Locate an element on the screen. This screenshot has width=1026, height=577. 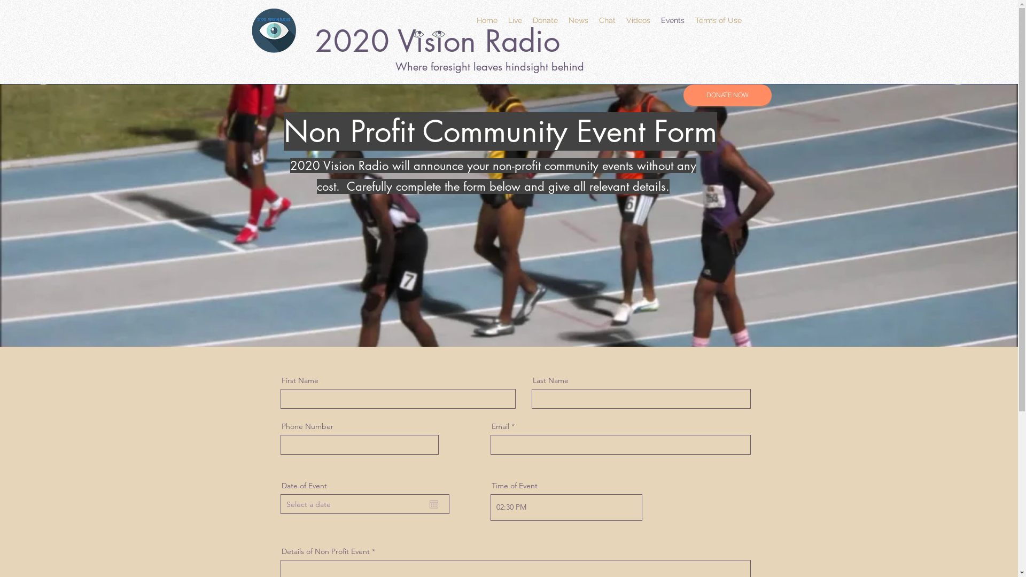
'Terms of Use' is located at coordinates (718, 20).